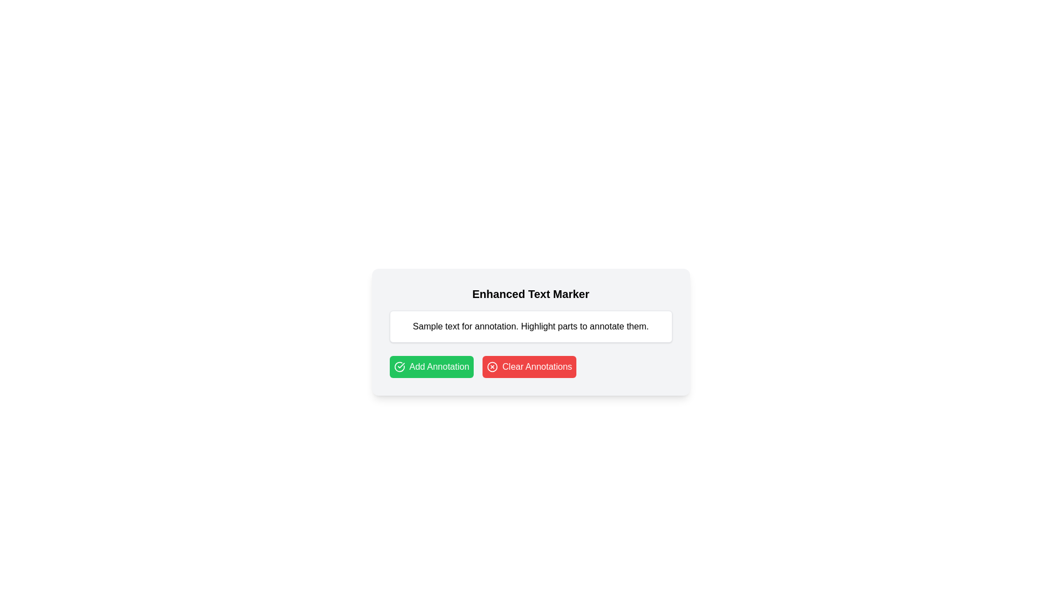 This screenshot has width=1060, height=596. Describe the element at coordinates (502, 326) in the screenshot. I see `the character 't' in the word 'annotation' located in the text field containing 'Sample text for annotation. Highlight parts to annotate them.'` at that location.